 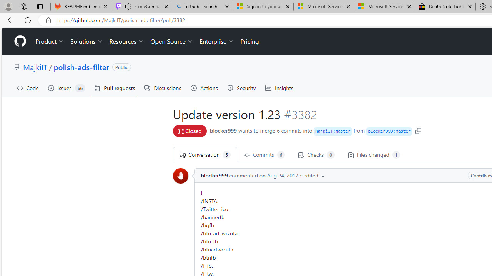 What do you see at coordinates (28, 88) in the screenshot?
I see `'Code'` at bounding box center [28, 88].